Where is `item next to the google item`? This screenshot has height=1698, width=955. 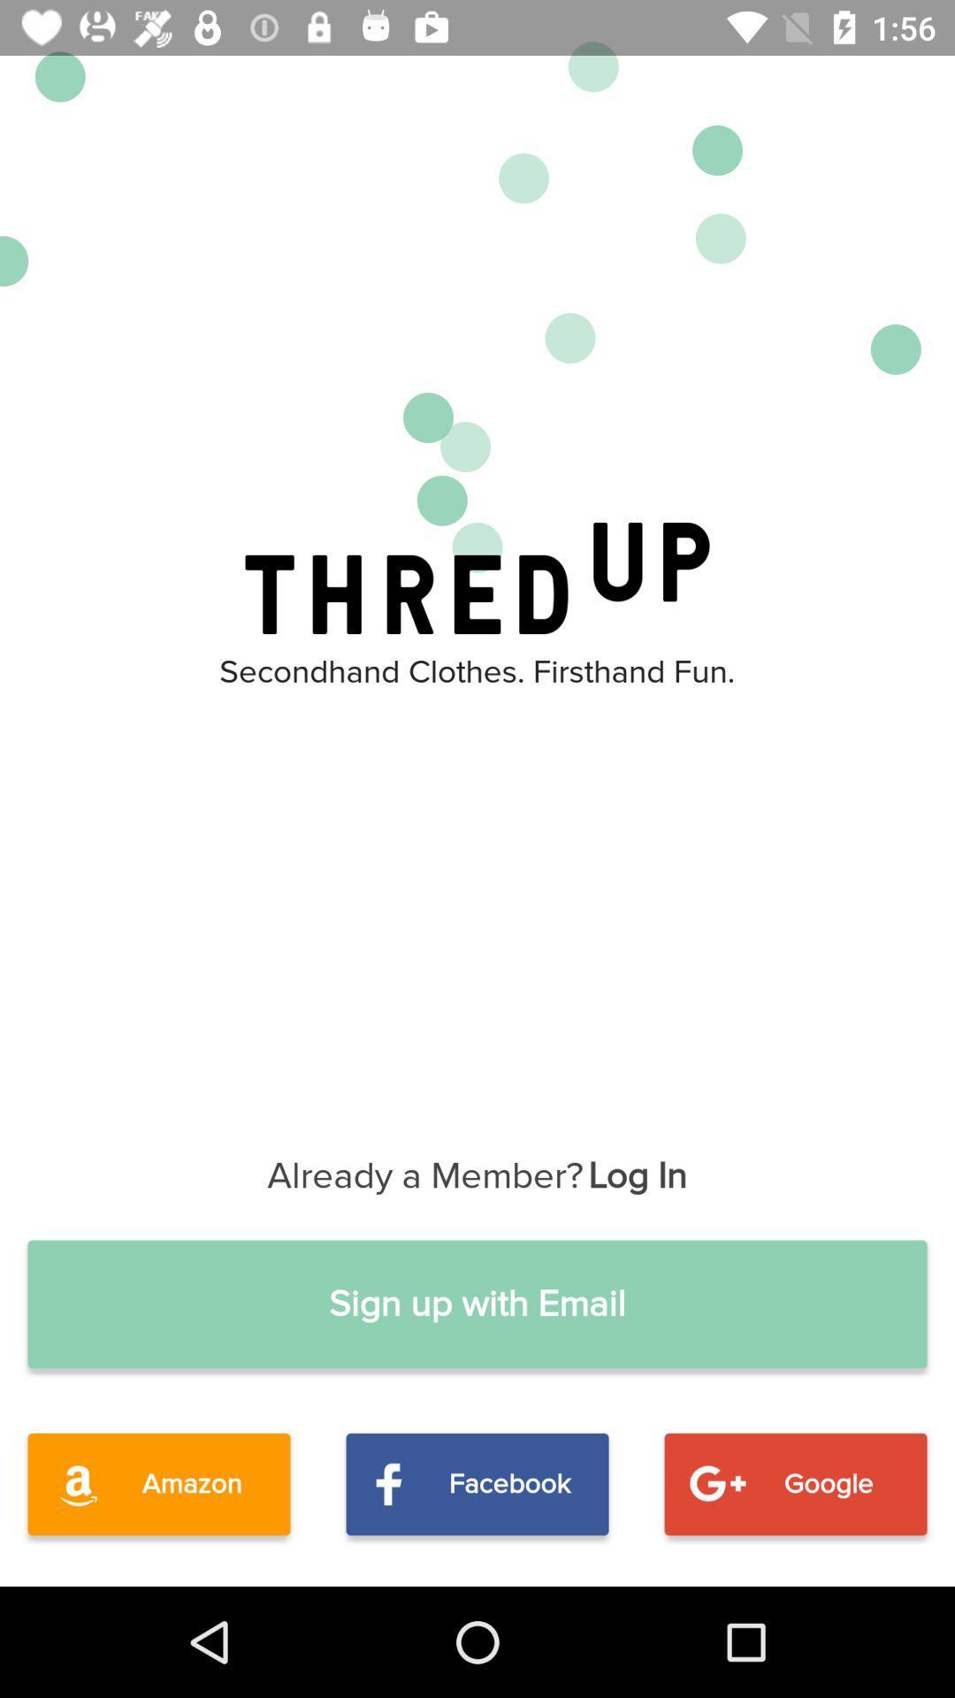 item next to the google item is located at coordinates (477, 1484).